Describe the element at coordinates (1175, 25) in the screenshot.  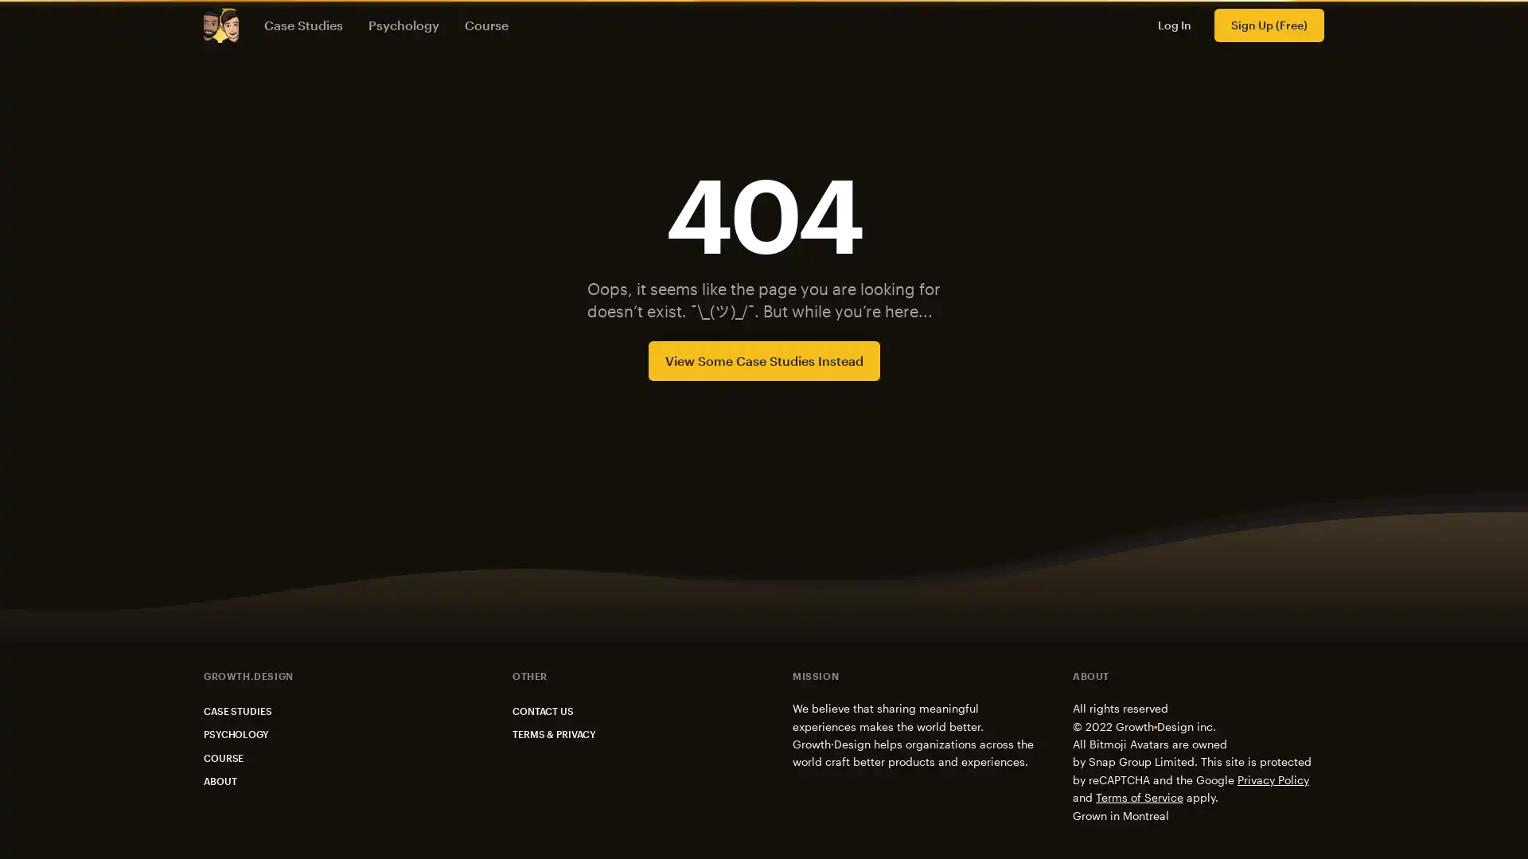
I see `Log In` at that location.